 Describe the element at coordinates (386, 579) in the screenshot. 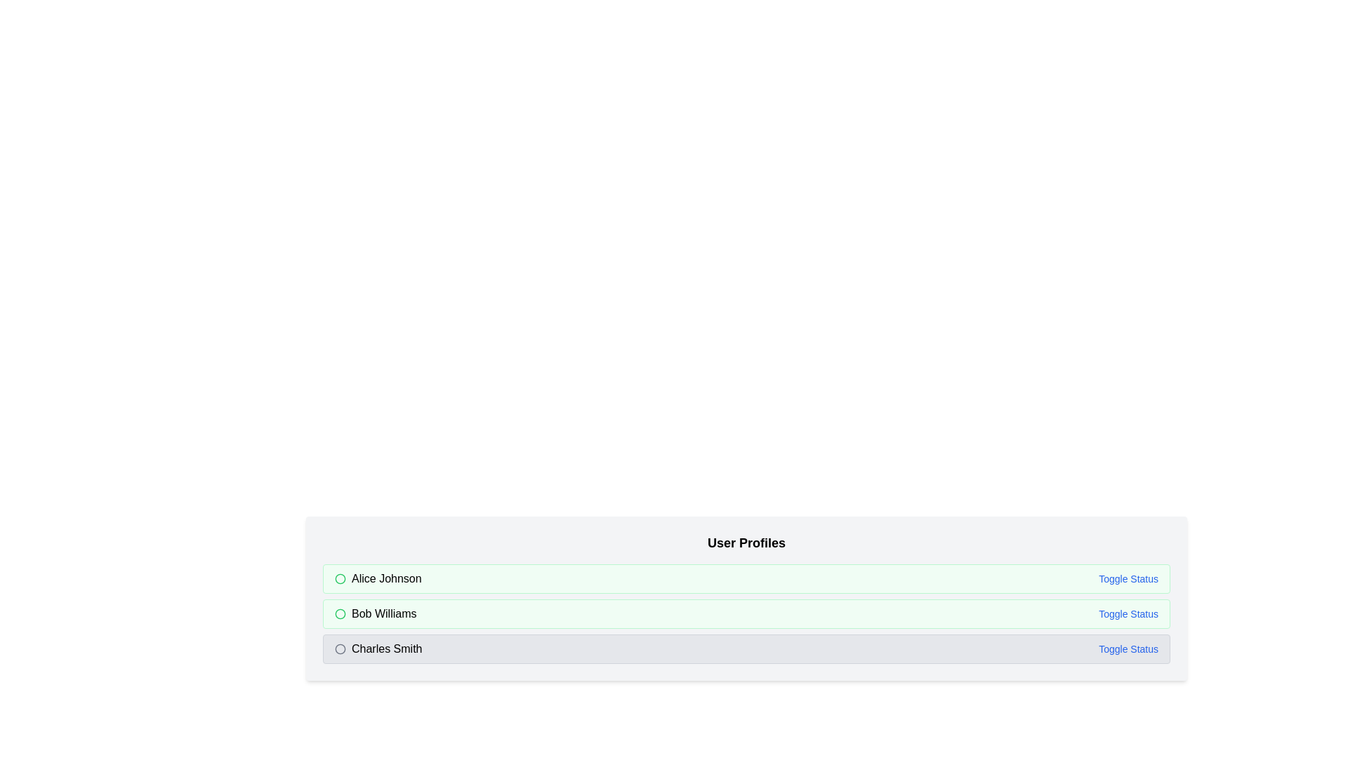

I see `the user profile text label displaying 'Alice Johnson', which is positioned in the first row of user profiles, adjacent to a green circular icon and a 'Toggle Status' button` at that location.